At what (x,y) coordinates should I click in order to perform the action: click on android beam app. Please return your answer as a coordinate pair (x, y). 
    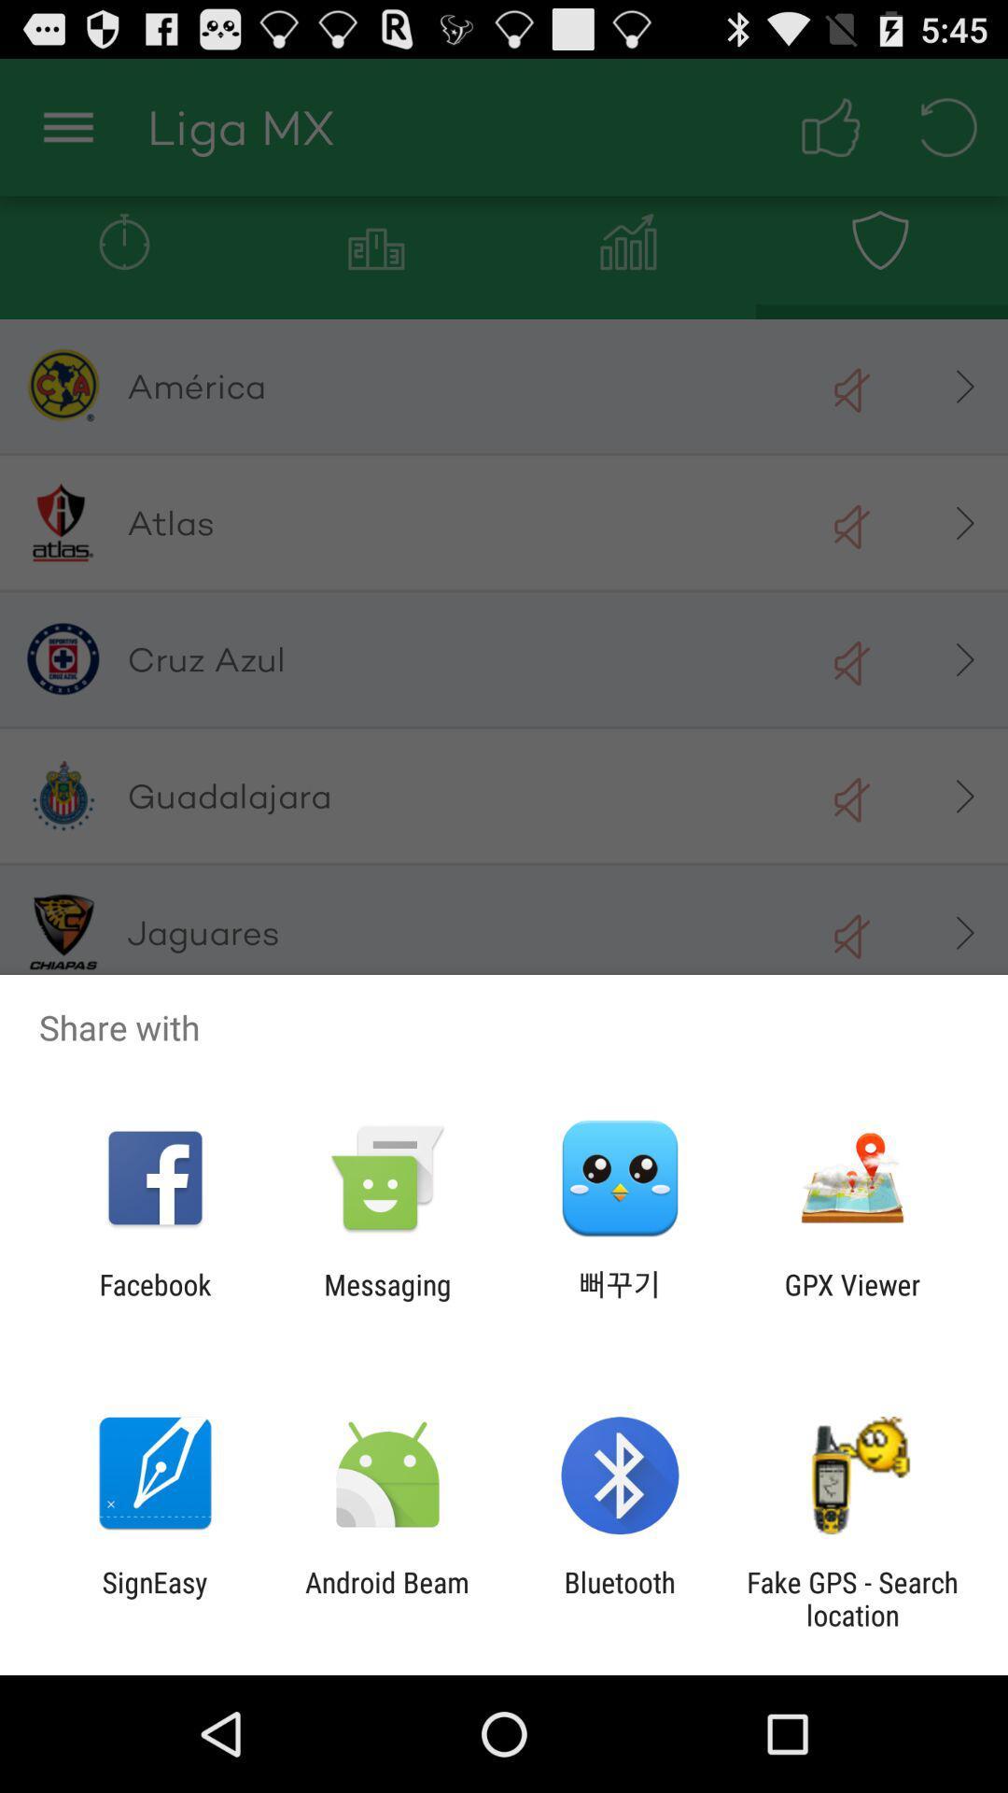
    Looking at the image, I should click on (386, 1598).